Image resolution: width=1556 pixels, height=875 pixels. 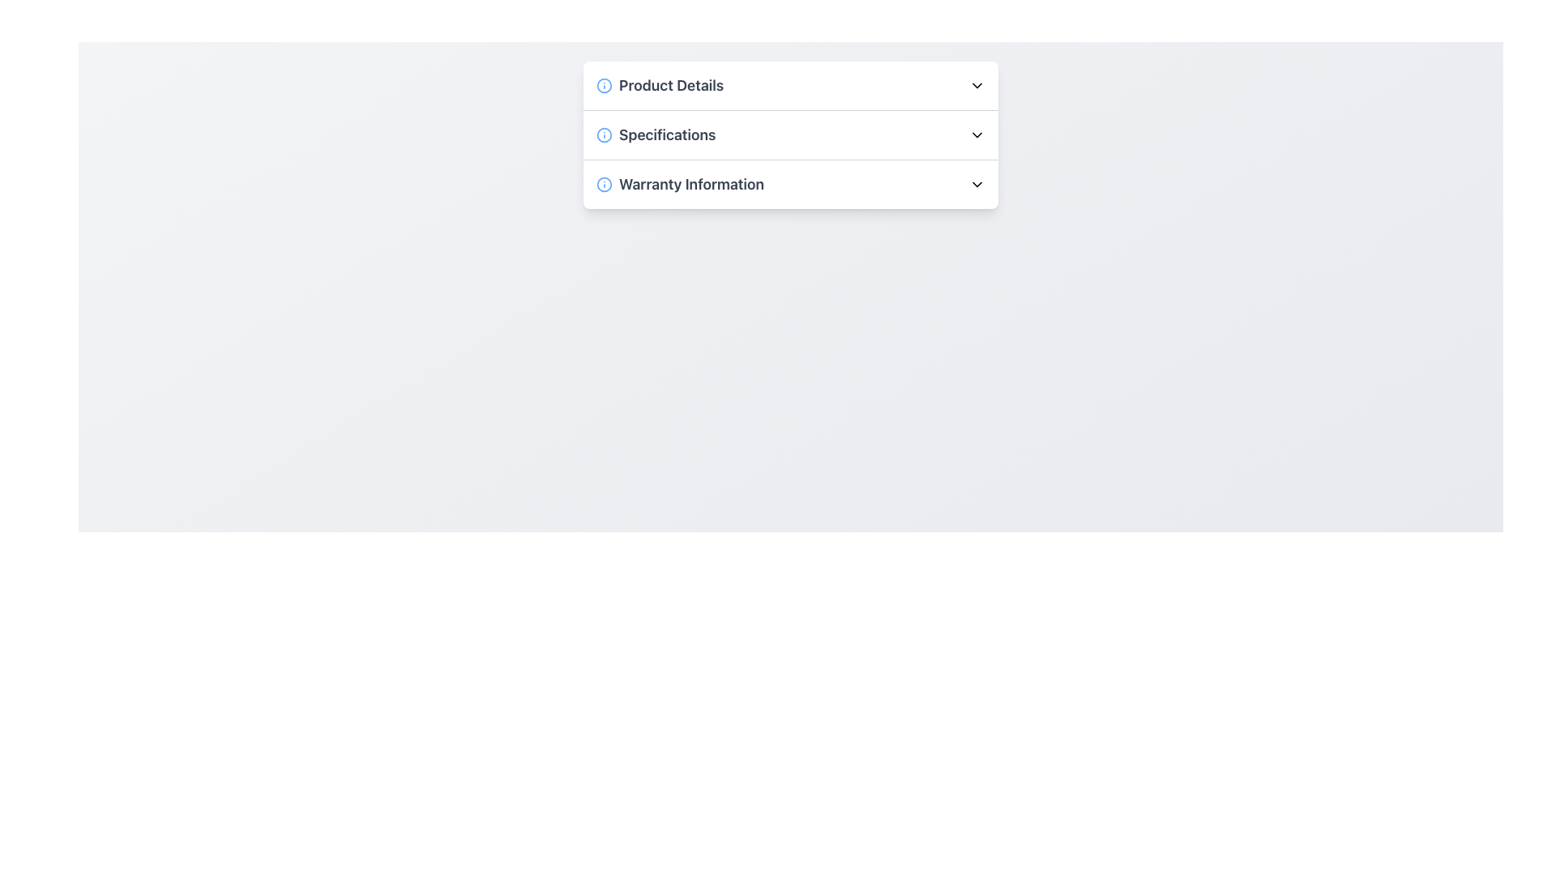 I want to click on the circular icon associated with the 'Specifications' section located on the left side of its row in the vertical list, so click(x=603, y=134).